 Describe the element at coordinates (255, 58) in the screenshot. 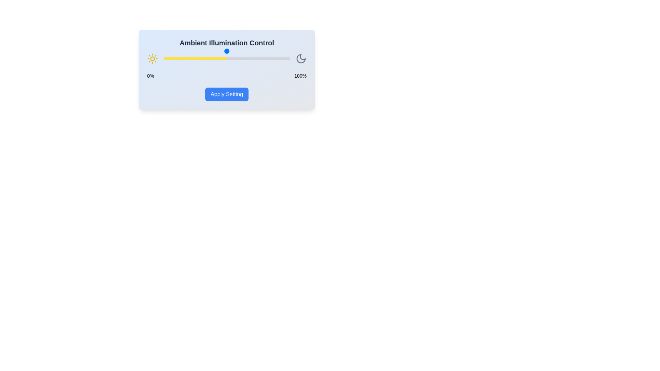

I see `the illumination slider to 73%` at that location.